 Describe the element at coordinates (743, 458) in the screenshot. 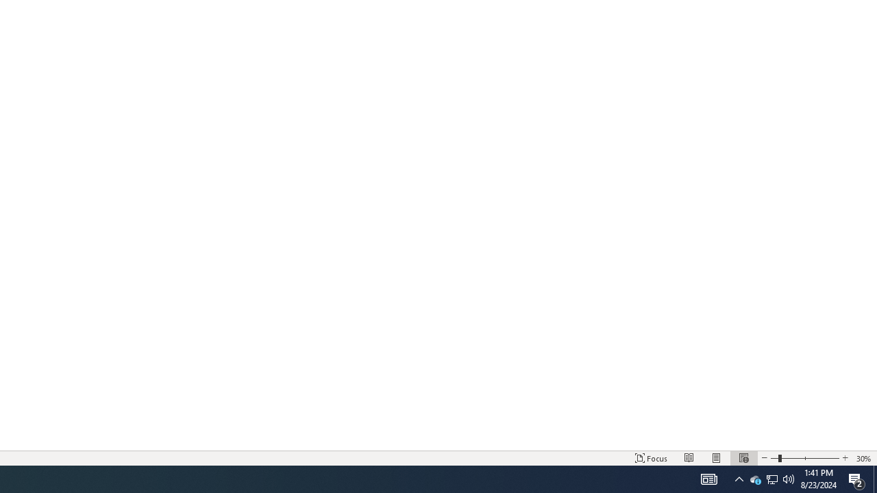

I see `'Web Layout'` at that location.